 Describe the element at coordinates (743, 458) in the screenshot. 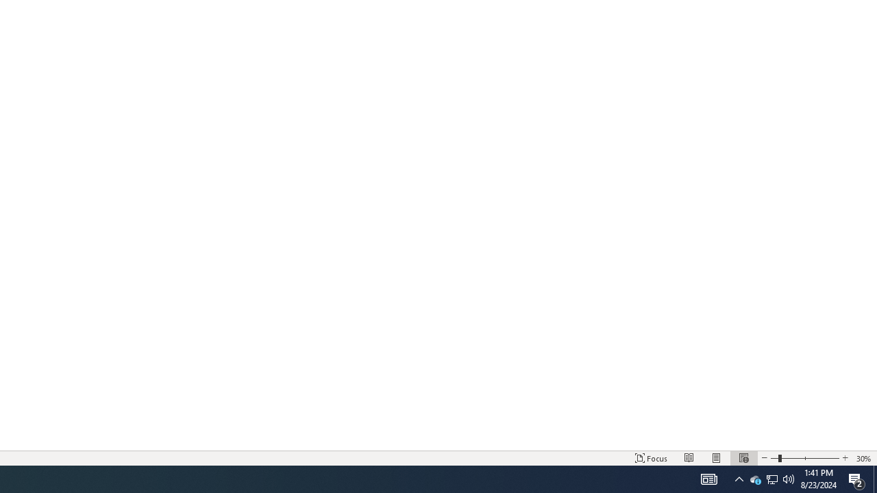

I see `'Web Layout'` at that location.